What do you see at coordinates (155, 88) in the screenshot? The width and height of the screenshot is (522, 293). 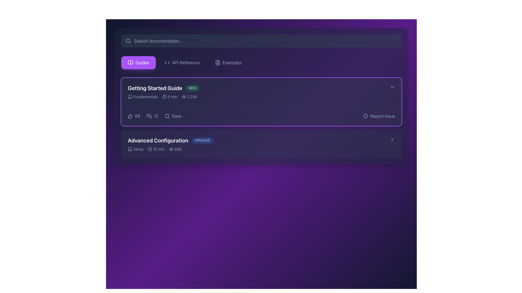 I see `the title text indicating the 'Getting Started Guide', which is located in the upper-left section of the main content area and positioned to the left of the 'NEW' badge` at bounding box center [155, 88].